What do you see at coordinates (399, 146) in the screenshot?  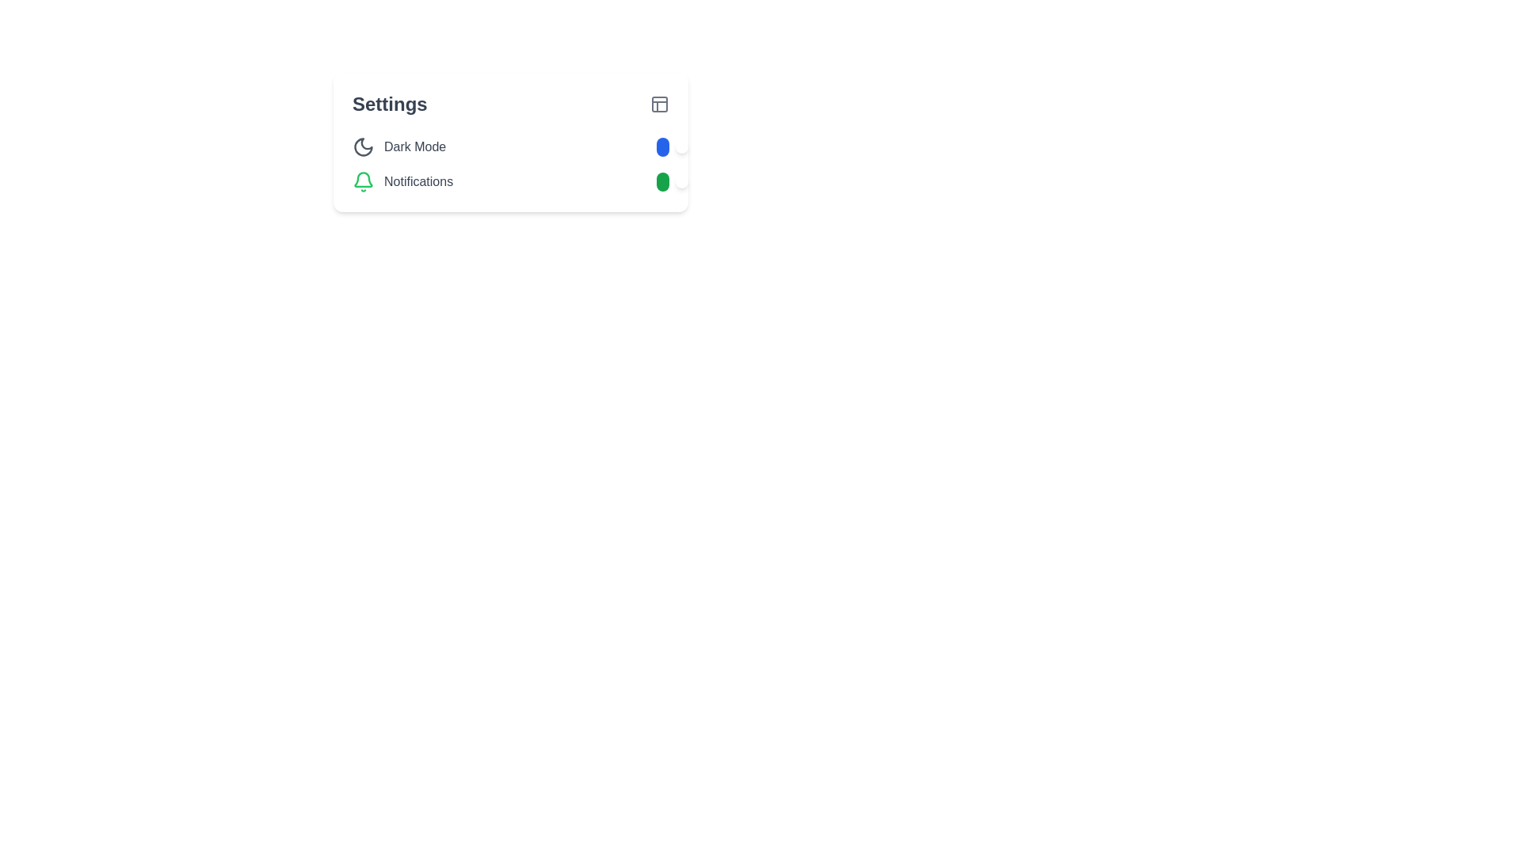 I see `the 'Dark Mode' label icon in the settings menu` at bounding box center [399, 146].